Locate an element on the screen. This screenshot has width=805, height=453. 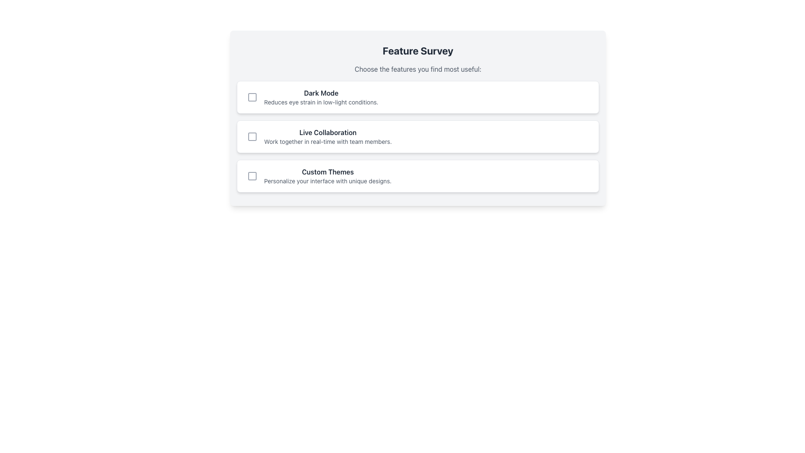
the Text Label element, which serves as the title or header for the feature described below it, positioned as the second feature in a vertical stack, directly under 'Dark Mode' and above 'Custom Themes.' is located at coordinates (327, 132).